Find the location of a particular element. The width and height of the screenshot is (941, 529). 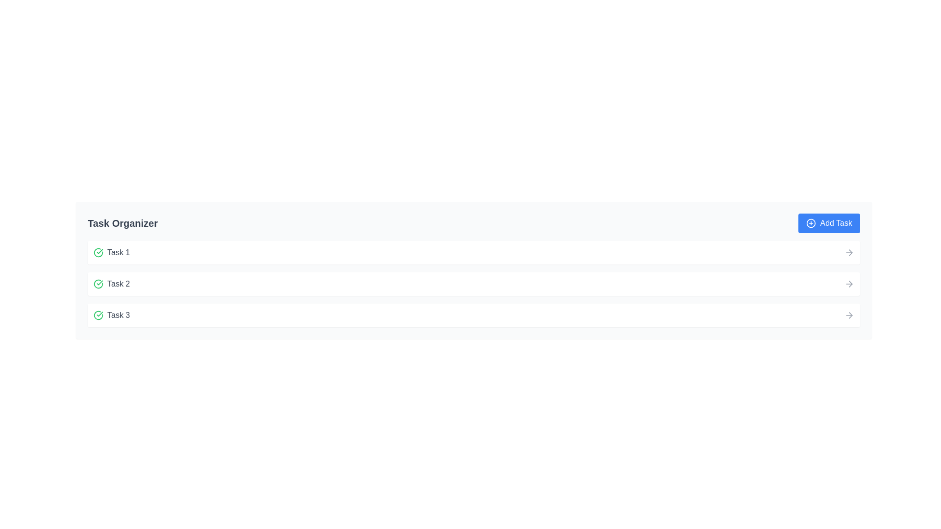

the text label displaying 'Task 3' in a gray font, which is located in the bottom row of a vertical list, adjacent to a green checkmark icon is located at coordinates (118, 315).